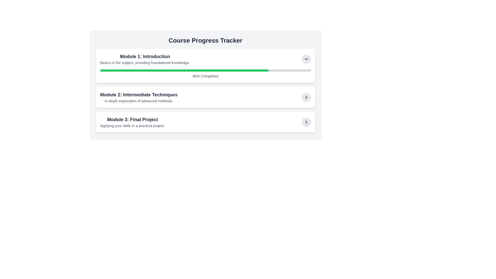 Image resolution: width=496 pixels, height=279 pixels. I want to click on the right-facing arrow icon within the SVG graphical element located in the bottom-right corner of the 'Module 3: Final Project' section in the 'Course Progress Tracker' interface, so click(306, 97).